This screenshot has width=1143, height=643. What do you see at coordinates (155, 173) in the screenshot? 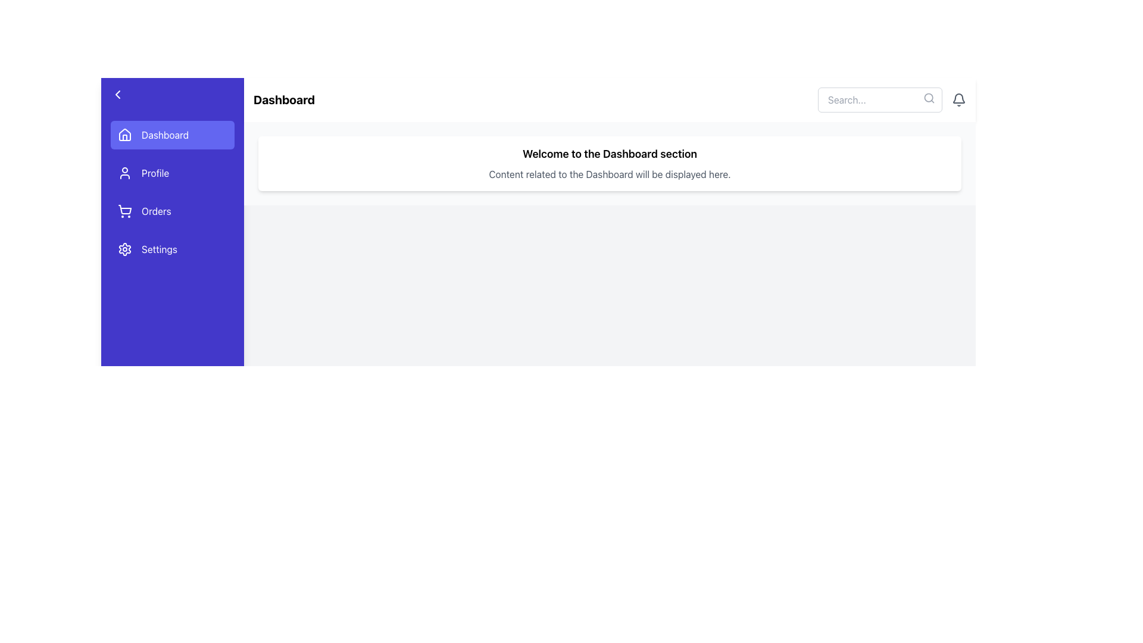
I see `the 'Profile' text label in the vertical navigation menu` at bounding box center [155, 173].